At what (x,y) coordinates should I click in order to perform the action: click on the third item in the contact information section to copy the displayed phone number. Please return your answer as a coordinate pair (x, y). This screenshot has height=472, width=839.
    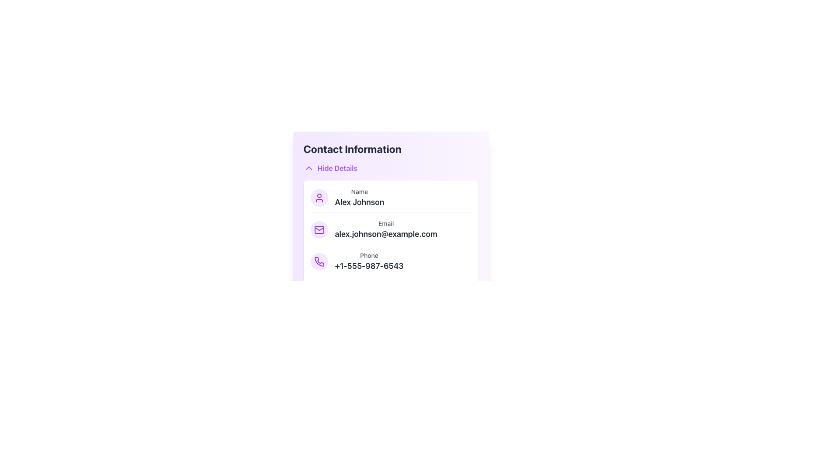
    Looking at the image, I should click on (390, 263).